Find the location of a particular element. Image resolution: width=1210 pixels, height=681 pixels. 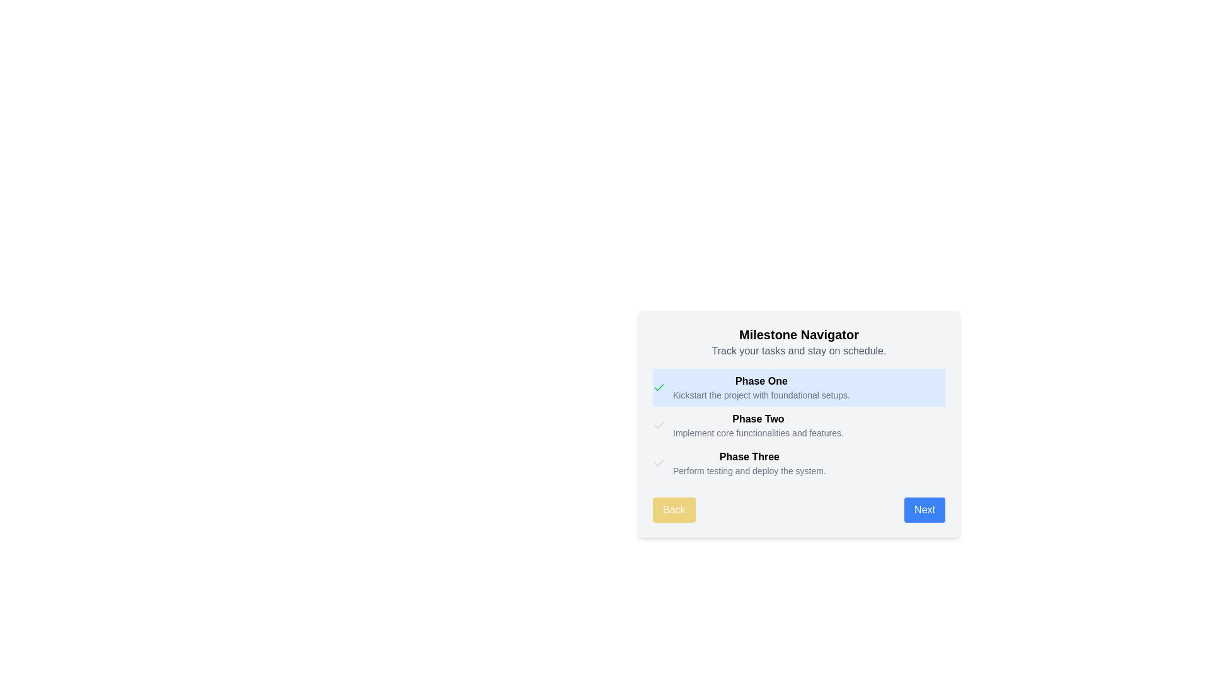

information presented in the Text-based List Item with Icon that displays 'Phase Three' followed by 'Perform testing and deploy the system.' is located at coordinates (798, 463).